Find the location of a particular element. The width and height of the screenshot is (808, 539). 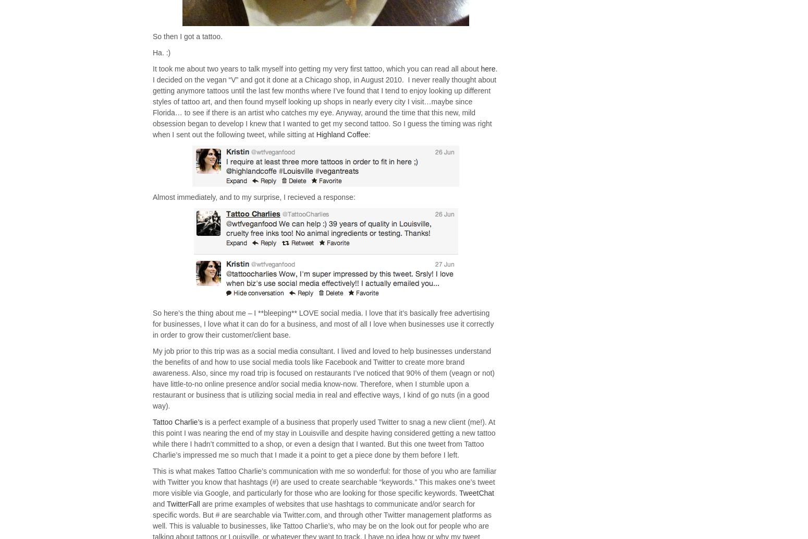

'This is what makes Tattoo Charlie’s communication with me so wonderful: for those of you who are familiar with Twitter you know that hashtags (#) are used to create searchable “keywords.” This makes one’s tweet more visible via Google, and particularly for those who are looking for those specific keywords.' is located at coordinates (324, 482).